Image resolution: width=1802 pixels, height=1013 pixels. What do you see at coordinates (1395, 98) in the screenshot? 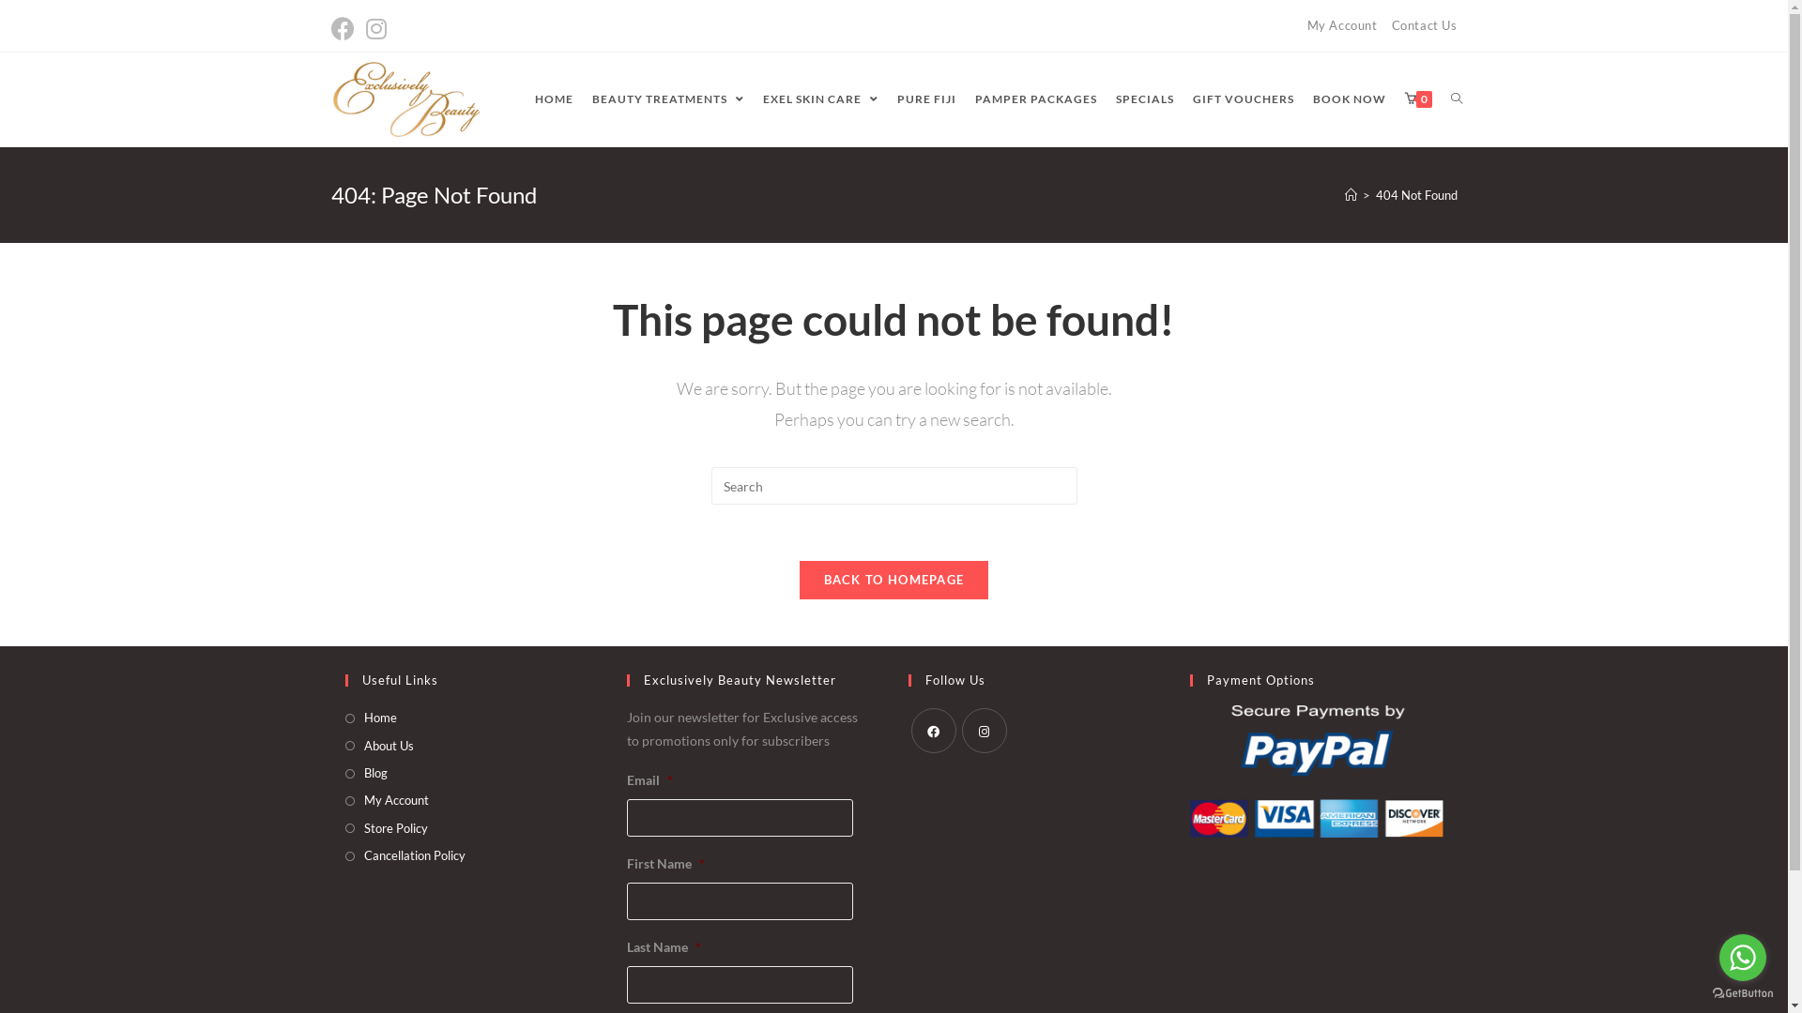
I see `'0'` at bounding box center [1395, 98].